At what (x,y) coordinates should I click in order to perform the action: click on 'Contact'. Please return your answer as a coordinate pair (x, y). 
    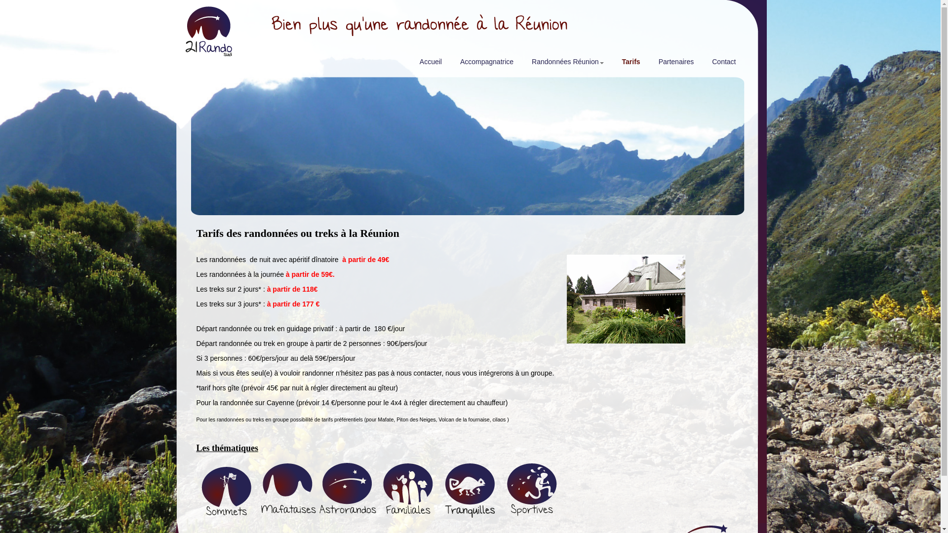
    Looking at the image, I should click on (722, 64).